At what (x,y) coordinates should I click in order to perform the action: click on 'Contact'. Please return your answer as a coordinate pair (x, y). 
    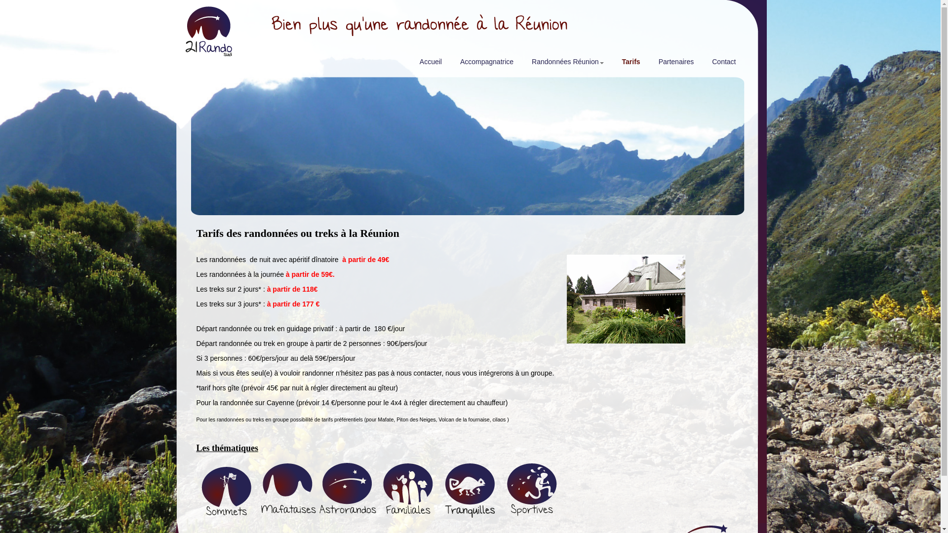
    Looking at the image, I should click on (722, 64).